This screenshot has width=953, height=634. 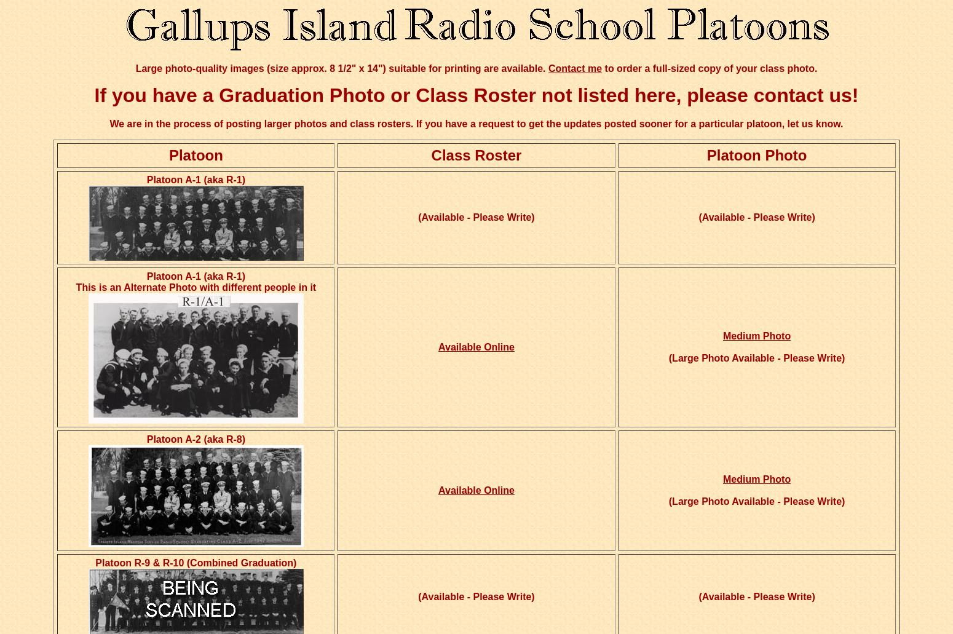 What do you see at coordinates (476, 94) in the screenshot?
I see `'If you have 

  a Graduation Photo or Class Roster not listed here, please contact us!'` at bounding box center [476, 94].